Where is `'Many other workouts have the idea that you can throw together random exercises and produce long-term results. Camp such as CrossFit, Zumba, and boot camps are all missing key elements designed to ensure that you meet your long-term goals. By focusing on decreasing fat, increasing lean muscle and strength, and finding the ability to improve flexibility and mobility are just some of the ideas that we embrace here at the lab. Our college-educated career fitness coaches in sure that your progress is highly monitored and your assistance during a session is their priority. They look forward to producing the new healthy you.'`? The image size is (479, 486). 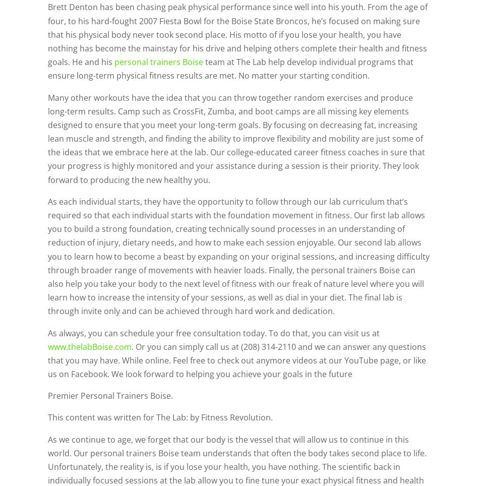
'Many other workouts have the idea that you can throw together random exercises and produce long-term results. Camp such as CrossFit, Zumba, and boot camps are all missing key elements designed to ensure that you meet your long-term goals. By focusing on decreasing fat, increasing lean muscle and strength, and finding the ability to improve flexibility and mobility are just some of the ideas that we embrace here at the lab. Our college-educated career fitness coaches in sure that your progress is highly monitored and your assistance during a session is their priority. They look forward to producing the new healthy you.' is located at coordinates (236, 138).